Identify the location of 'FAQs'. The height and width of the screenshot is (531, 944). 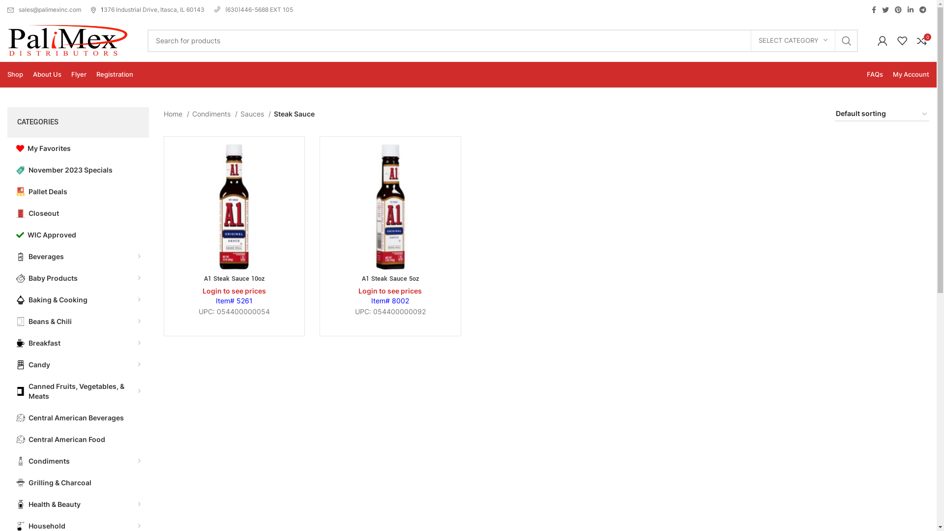
(875, 74).